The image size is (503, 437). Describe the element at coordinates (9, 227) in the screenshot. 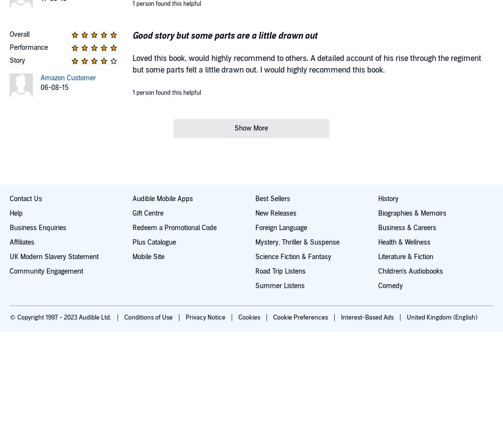

I see `'Business Enquiries'` at that location.